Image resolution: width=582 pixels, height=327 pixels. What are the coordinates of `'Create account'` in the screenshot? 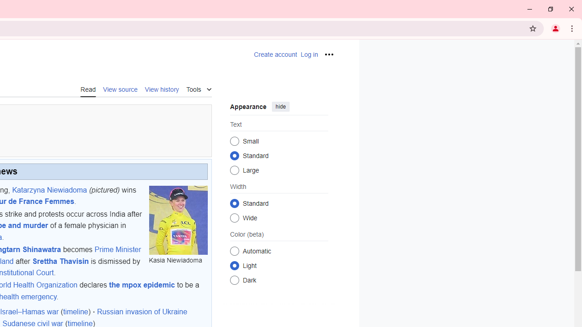 It's located at (275, 54).